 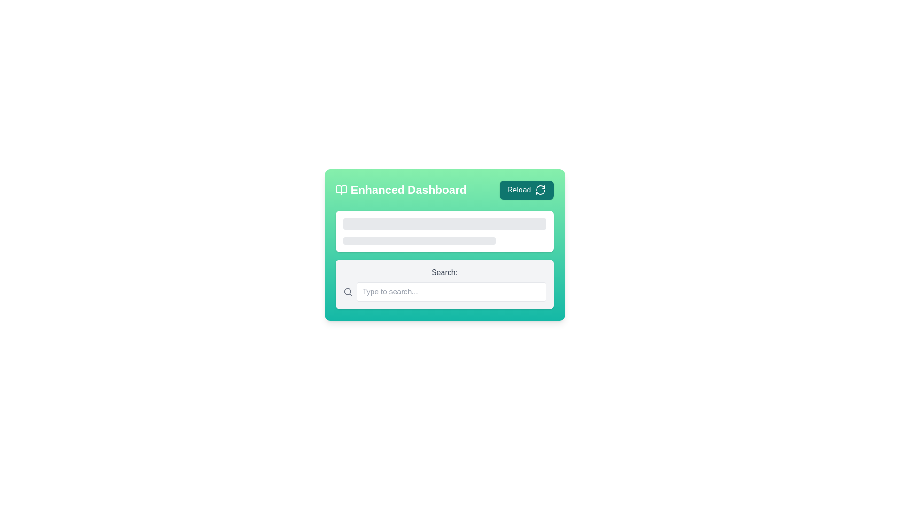 What do you see at coordinates (347, 291) in the screenshot?
I see `the search icon located to the left of the search text box, which visually indicates the search functionality` at bounding box center [347, 291].